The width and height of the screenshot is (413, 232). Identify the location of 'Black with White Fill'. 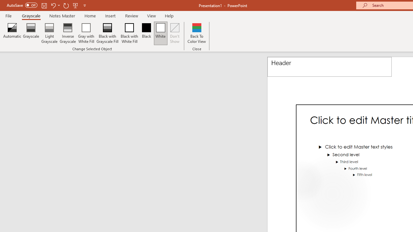
(129, 33).